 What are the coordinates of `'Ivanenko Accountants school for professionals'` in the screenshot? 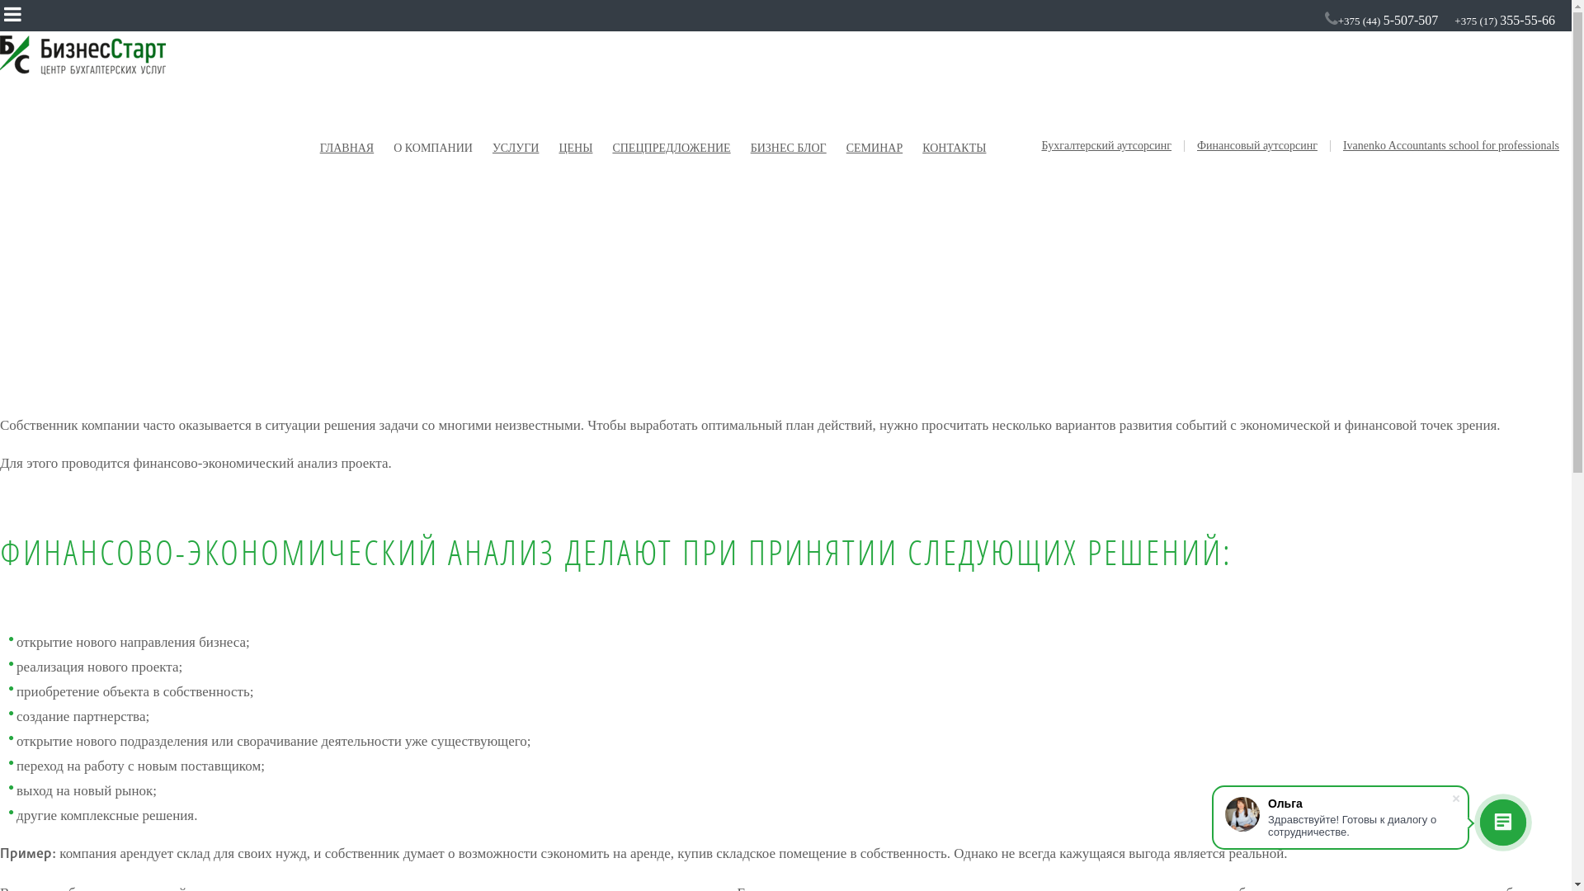 It's located at (1450, 145).